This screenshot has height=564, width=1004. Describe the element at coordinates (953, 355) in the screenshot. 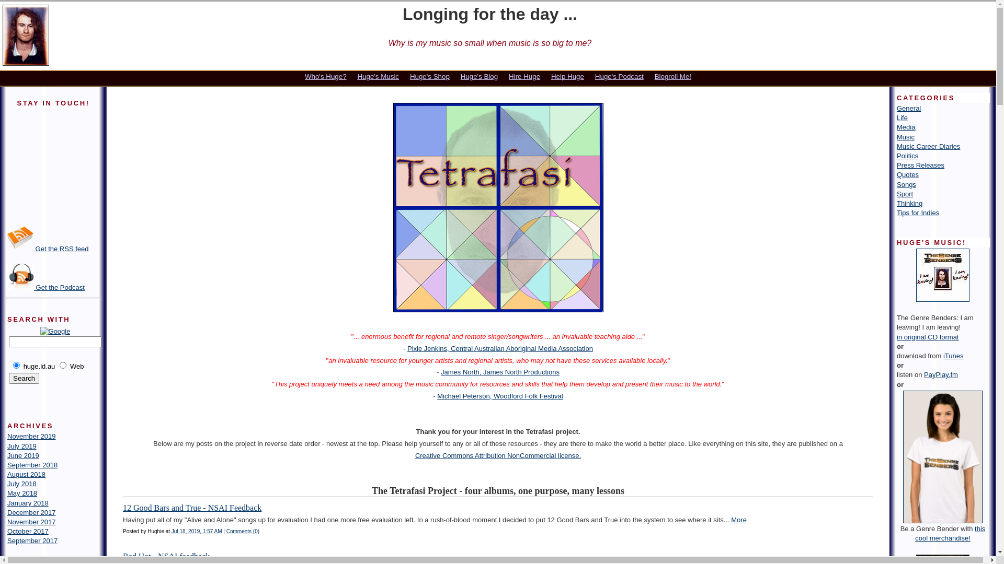

I see `'iTunes'` at that location.